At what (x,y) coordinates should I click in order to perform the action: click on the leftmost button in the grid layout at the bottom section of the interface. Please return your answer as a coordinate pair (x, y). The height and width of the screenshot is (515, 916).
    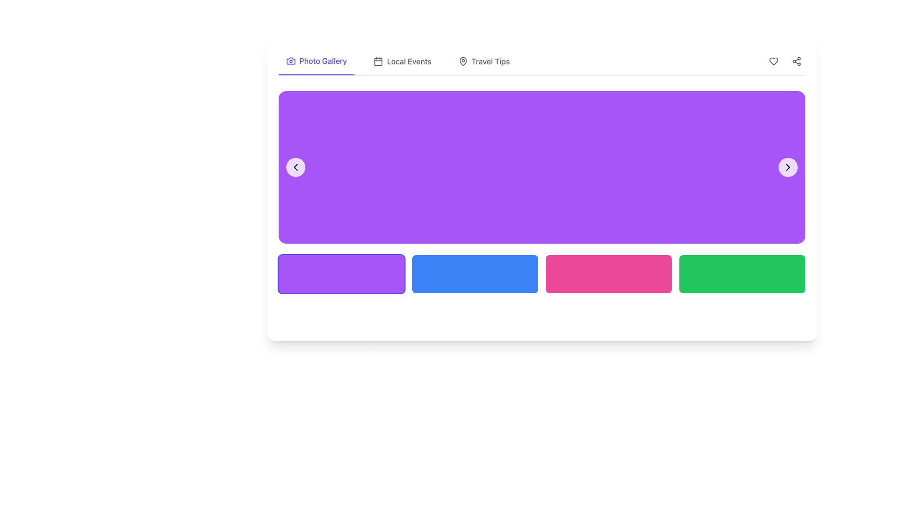
    Looking at the image, I should click on (341, 274).